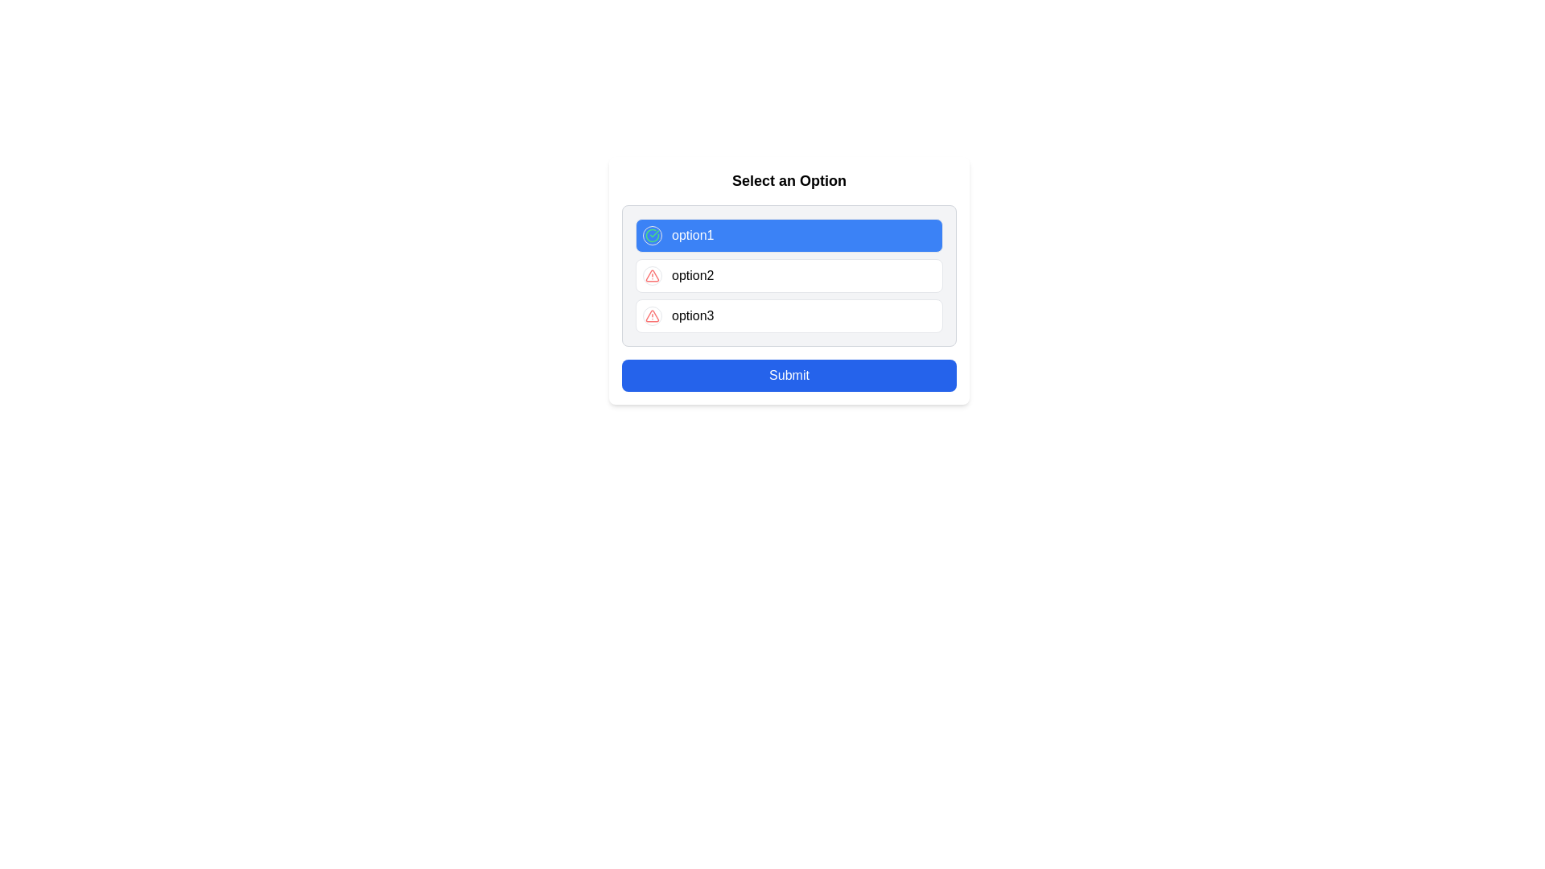 The height and width of the screenshot is (869, 1545). What do you see at coordinates (789, 275) in the screenshot?
I see `the selectable option labeled 'option2'` at bounding box center [789, 275].